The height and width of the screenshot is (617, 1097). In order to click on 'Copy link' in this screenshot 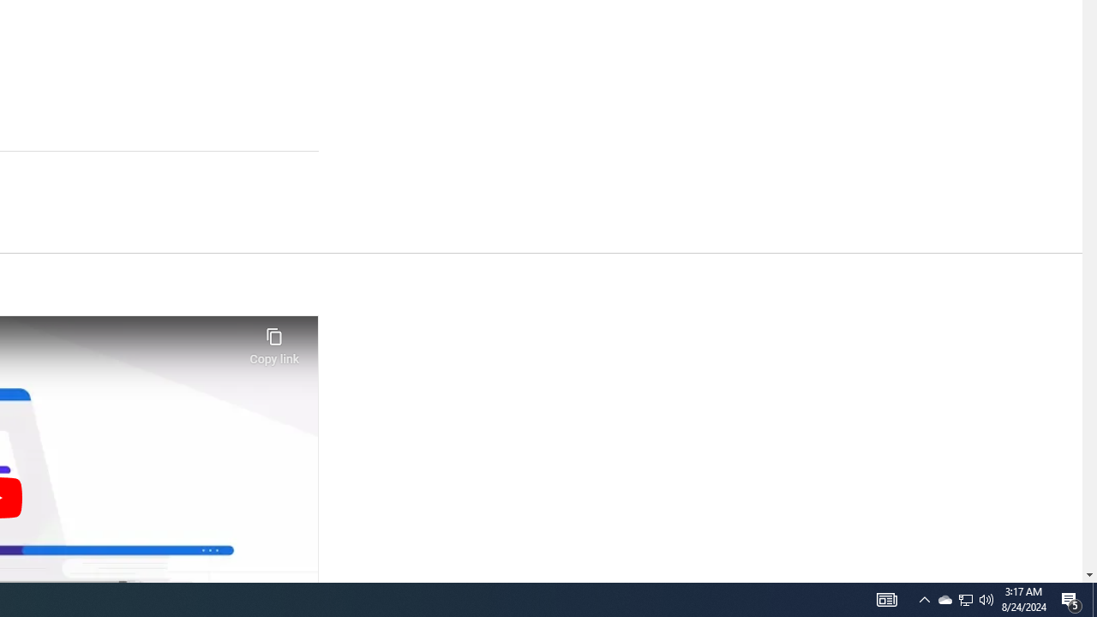, I will do `click(274, 341)`.